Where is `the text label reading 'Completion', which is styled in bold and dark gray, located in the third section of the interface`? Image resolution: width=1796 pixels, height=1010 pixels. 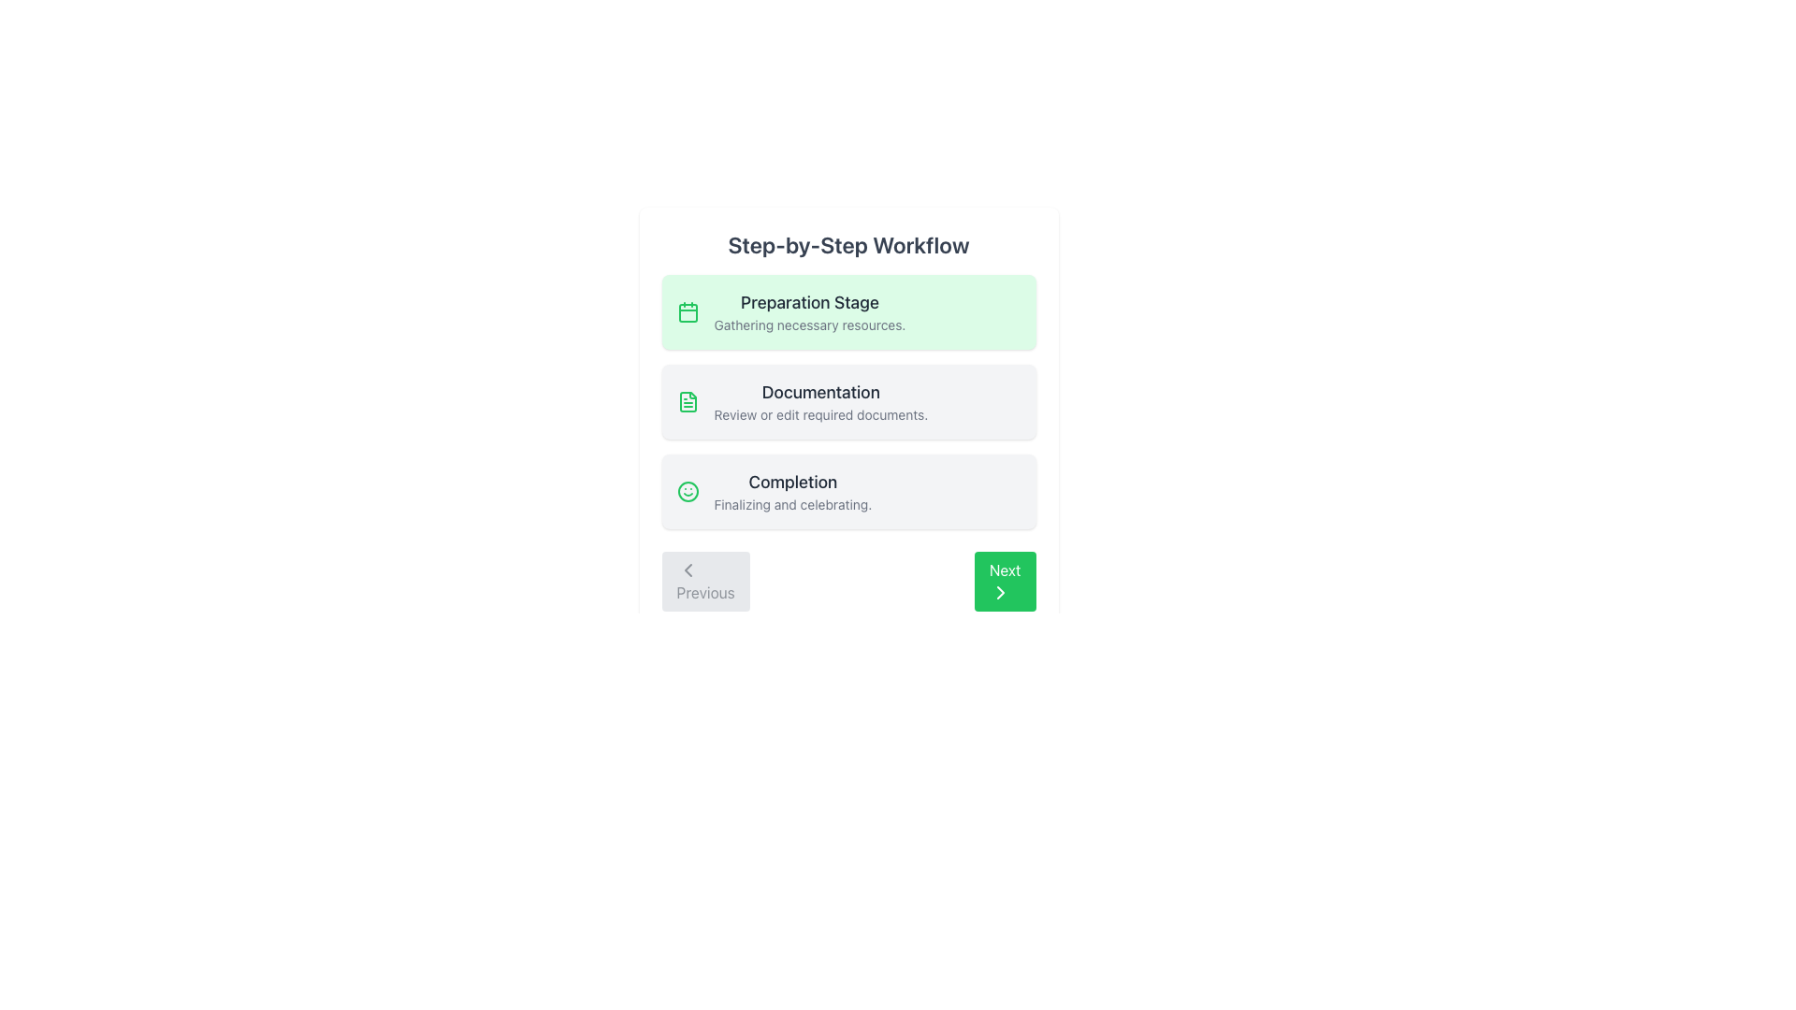
the text label reading 'Completion', which is styled in bold and dark gray, located in the third section of the interface is located at coordinates (792, 482).